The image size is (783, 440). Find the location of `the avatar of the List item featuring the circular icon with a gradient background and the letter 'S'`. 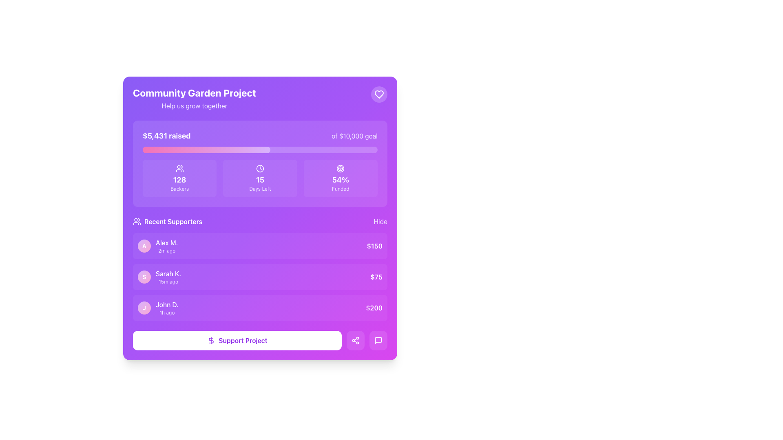

the avatar of the List item featuring the circular icon with a gradient background and the letter 'S' is located at coordinates (159, 276).